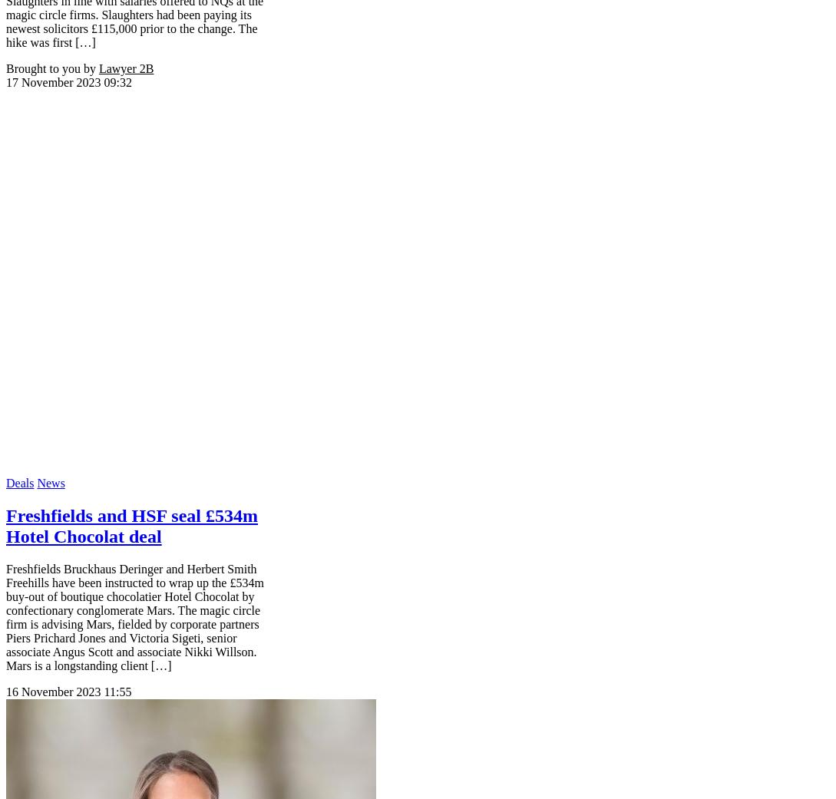 This screenshot has height=799, width=836. Describe the element at coordinates (5, 524) in the screenshot. I see `'Freshfields and HSF seal £534m Hotel Chocolat deal'` at that location.